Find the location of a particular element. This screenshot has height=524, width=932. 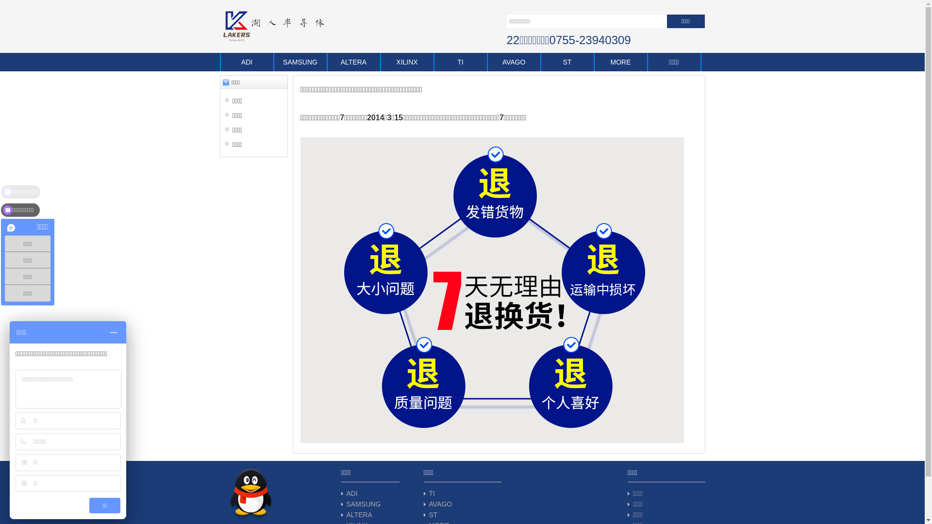

'XILINX' is located at coordinates (407, 62).